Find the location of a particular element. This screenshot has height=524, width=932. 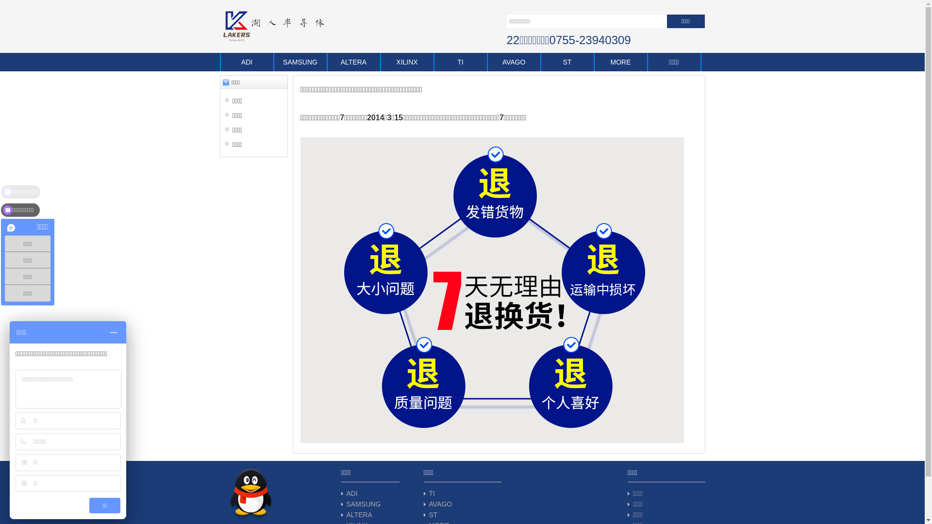

'XILINX' is located at coordinates (407, 62).